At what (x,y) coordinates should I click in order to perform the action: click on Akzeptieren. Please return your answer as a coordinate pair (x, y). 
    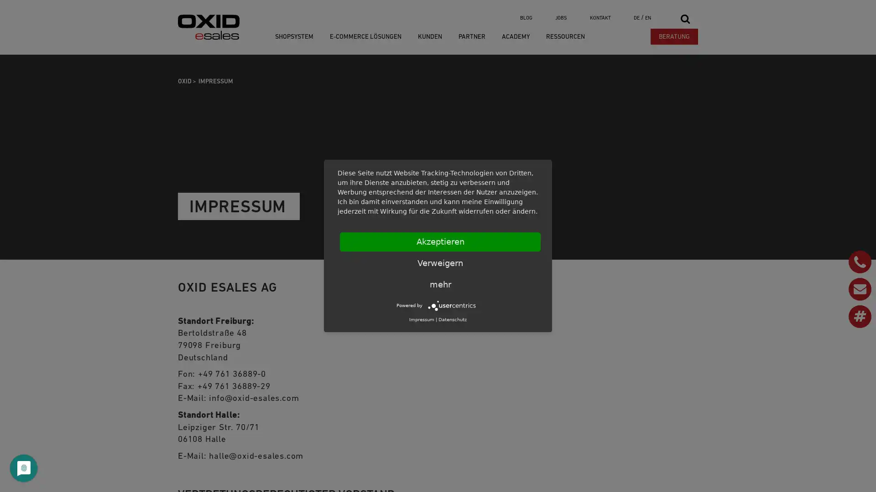
    Looking at the image, I should click on (440, 241).